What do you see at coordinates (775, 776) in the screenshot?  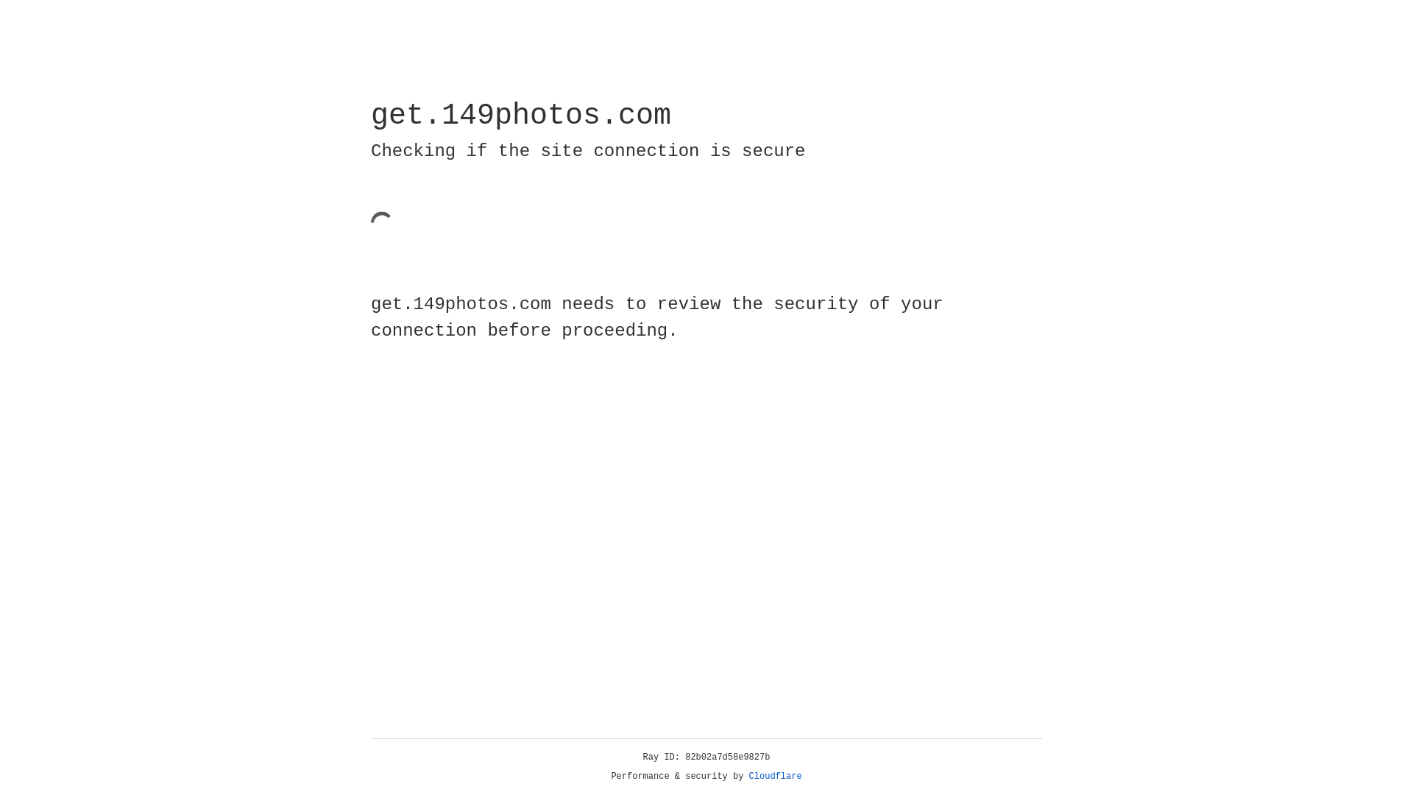 I see `'Cloudflare'` at bounding box center [775, 776].